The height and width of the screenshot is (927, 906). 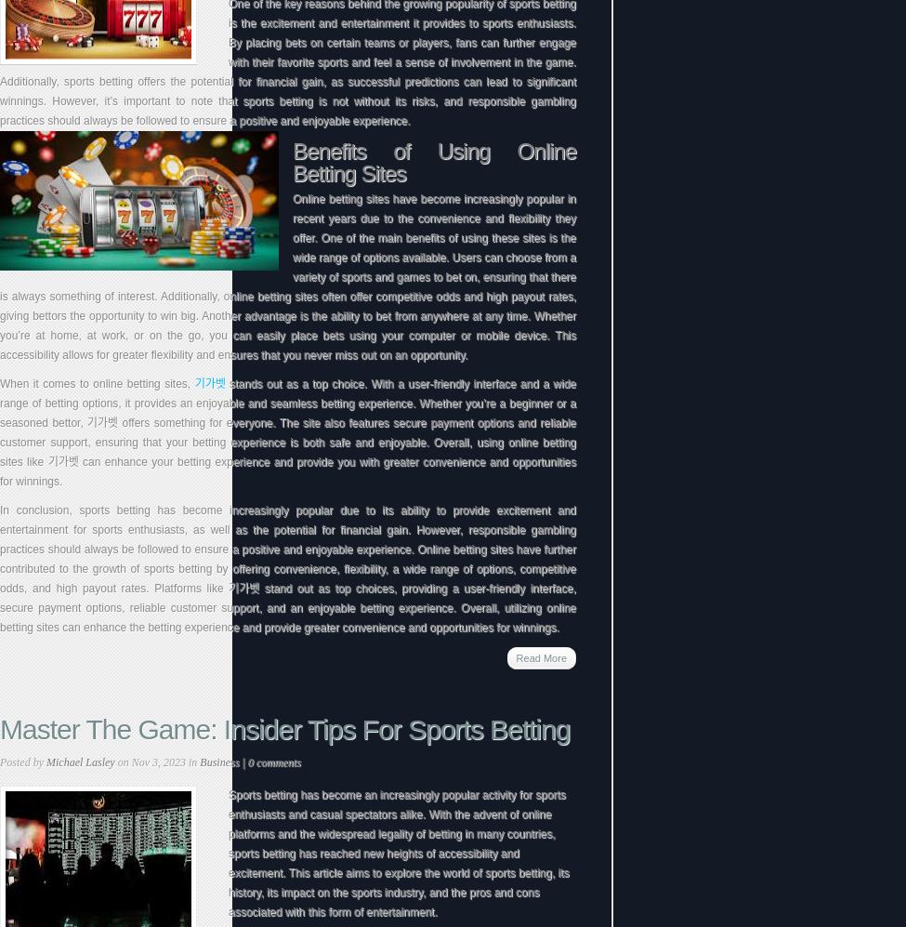 What do you see at coordinates (286, 277) in the screenshot?
I see `'Online betting sites have become increasingly popular in recent years due to the convenience and flexibility they offer. One of the main benefits of using these sites is the wide range of options available. Users can choose from a variety of sports and games to bet on, ensuring that there is always something of interest. Additionally, online betting sites often offer competitive odds and high payout rates, giving bettors the opportunity to win big. Another advantage is the ability to bet from anywhere at any time. Whether you’re at home, at work, or on the go, you can easily place bets using your computer or mobile device. This accessibility allows for greater flexibility and ensures that you never miss out on an opportunity.'` at bounding box center [286, 277].